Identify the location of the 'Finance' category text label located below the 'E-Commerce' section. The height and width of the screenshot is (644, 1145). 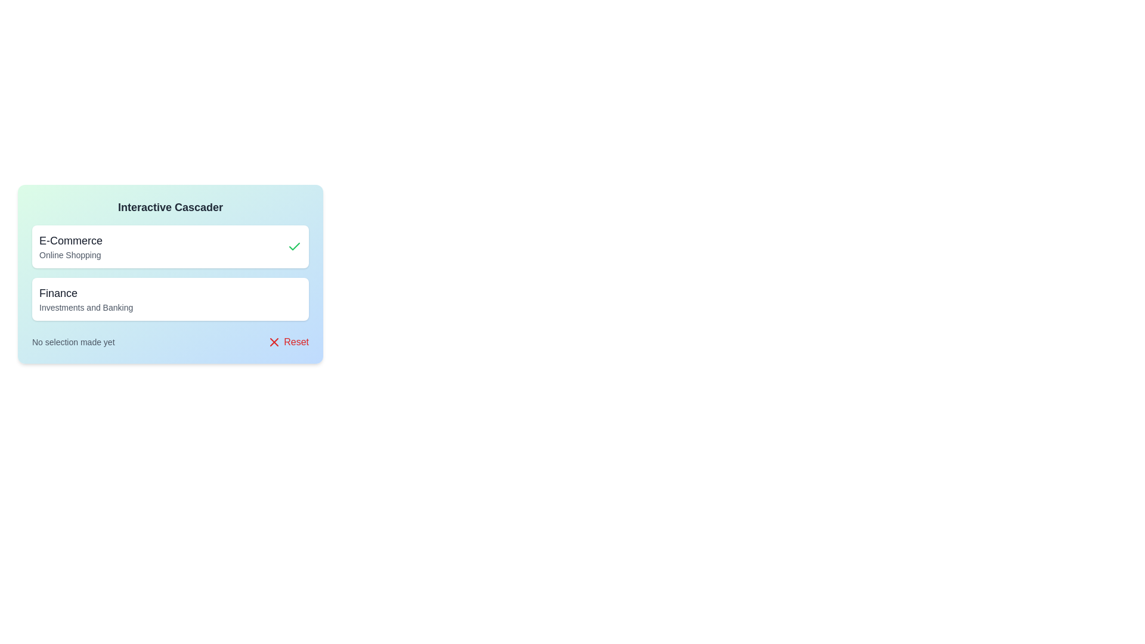
(85, 298).